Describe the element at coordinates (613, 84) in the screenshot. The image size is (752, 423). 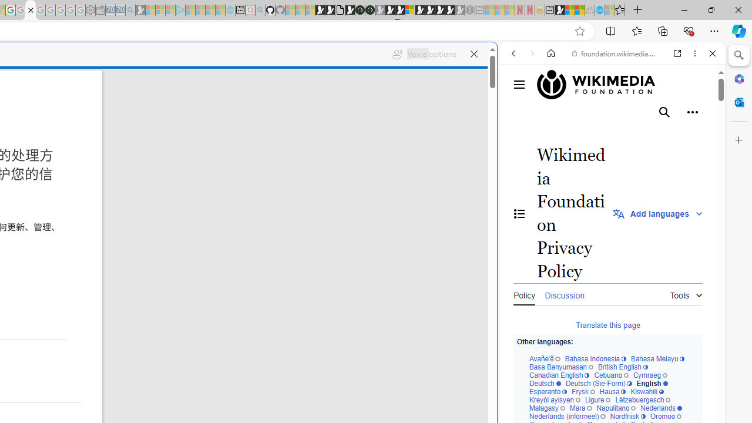
I see `'Wikimedia Foundation Governance Wiki'` at that location.